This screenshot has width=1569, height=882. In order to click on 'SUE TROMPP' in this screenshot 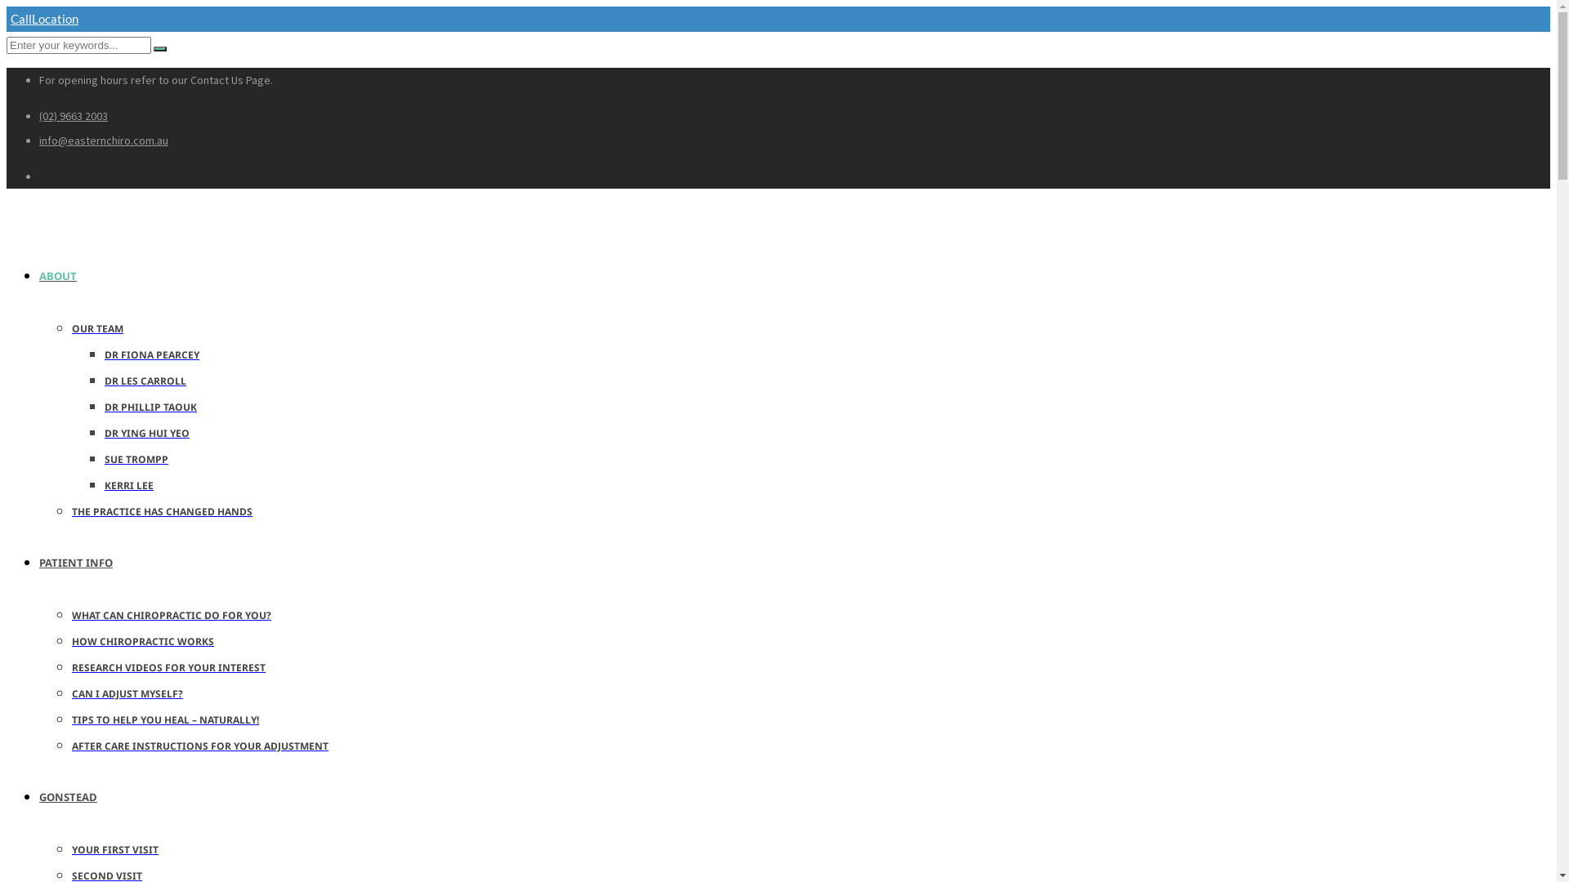, I will do `click(136, 459)`.